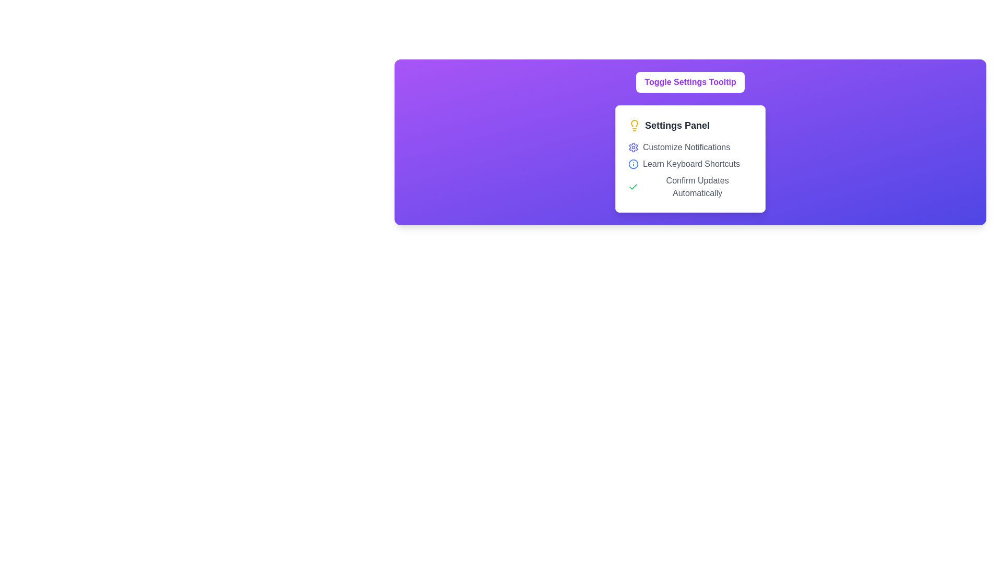 This screenshot has width=1002, height=563. What do you see at coordinates (634, 125) in the screenshot?
I see `the decorative icon for the 'Settings Panel' section for accessibility purposes` at bounding box center [634, 125].